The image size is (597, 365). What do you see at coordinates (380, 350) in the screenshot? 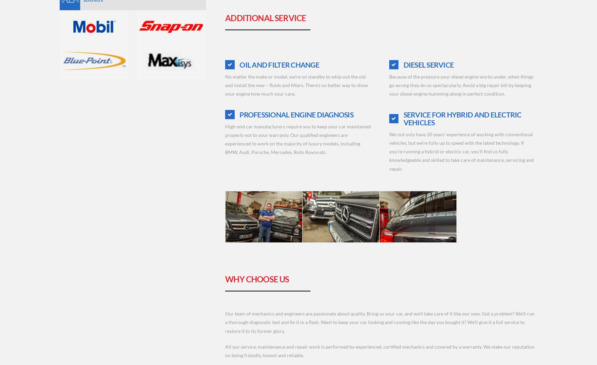
I see `'All our service, maintenance and repair work is performed by experienced, certified mechanics and covered by a warranty. We stake our reputation on being friendly, honest and reliable.'` at bounding box center [380, 350].